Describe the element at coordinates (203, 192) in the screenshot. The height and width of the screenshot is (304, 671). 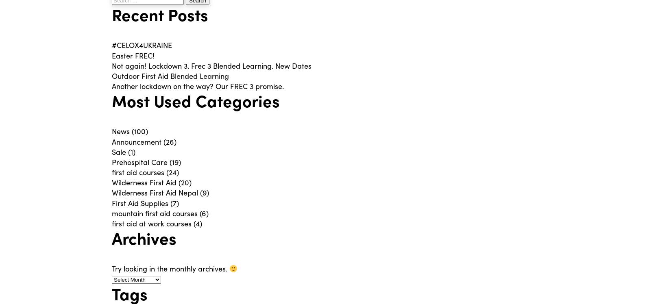
I see `'(9)'` at that location.